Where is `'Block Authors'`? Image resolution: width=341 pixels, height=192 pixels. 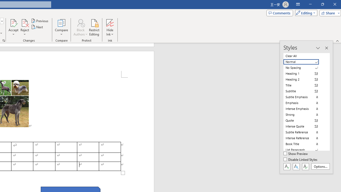
'Block Authors' is located at coordinates (80, 27).